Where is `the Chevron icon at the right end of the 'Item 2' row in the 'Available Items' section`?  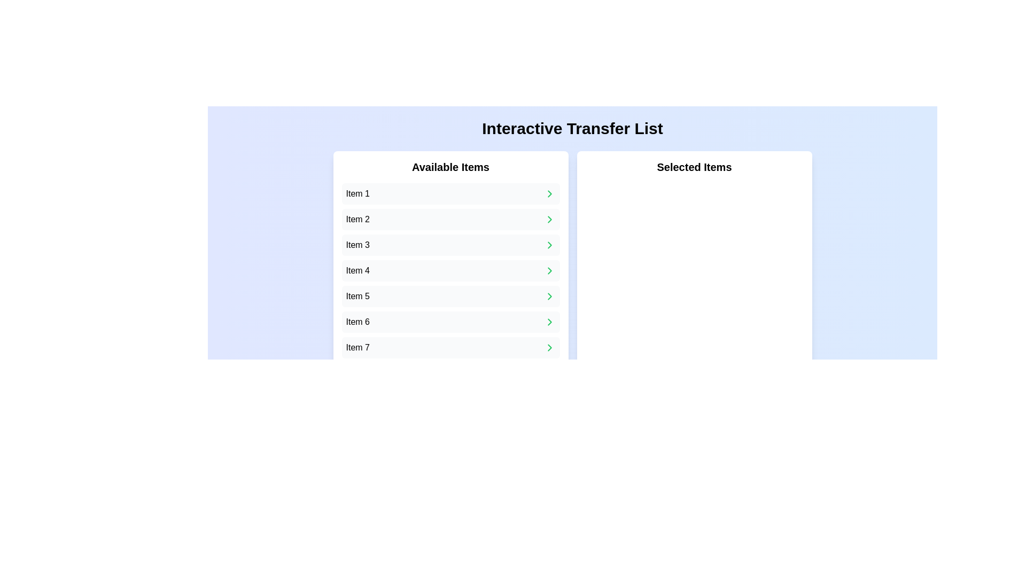
the Chevron icon at the right end of the 'Item 2' row in the 'Available Items' section is located at coordinates (549, 193).